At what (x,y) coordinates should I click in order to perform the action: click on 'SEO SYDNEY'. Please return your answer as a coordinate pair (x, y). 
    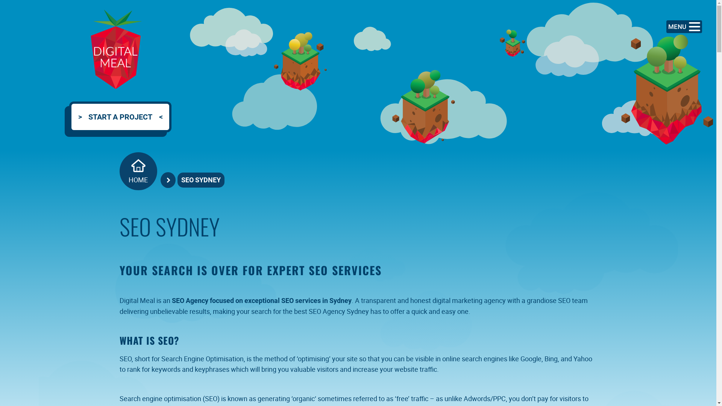
    Looking at the image, I should click on (201, 180).